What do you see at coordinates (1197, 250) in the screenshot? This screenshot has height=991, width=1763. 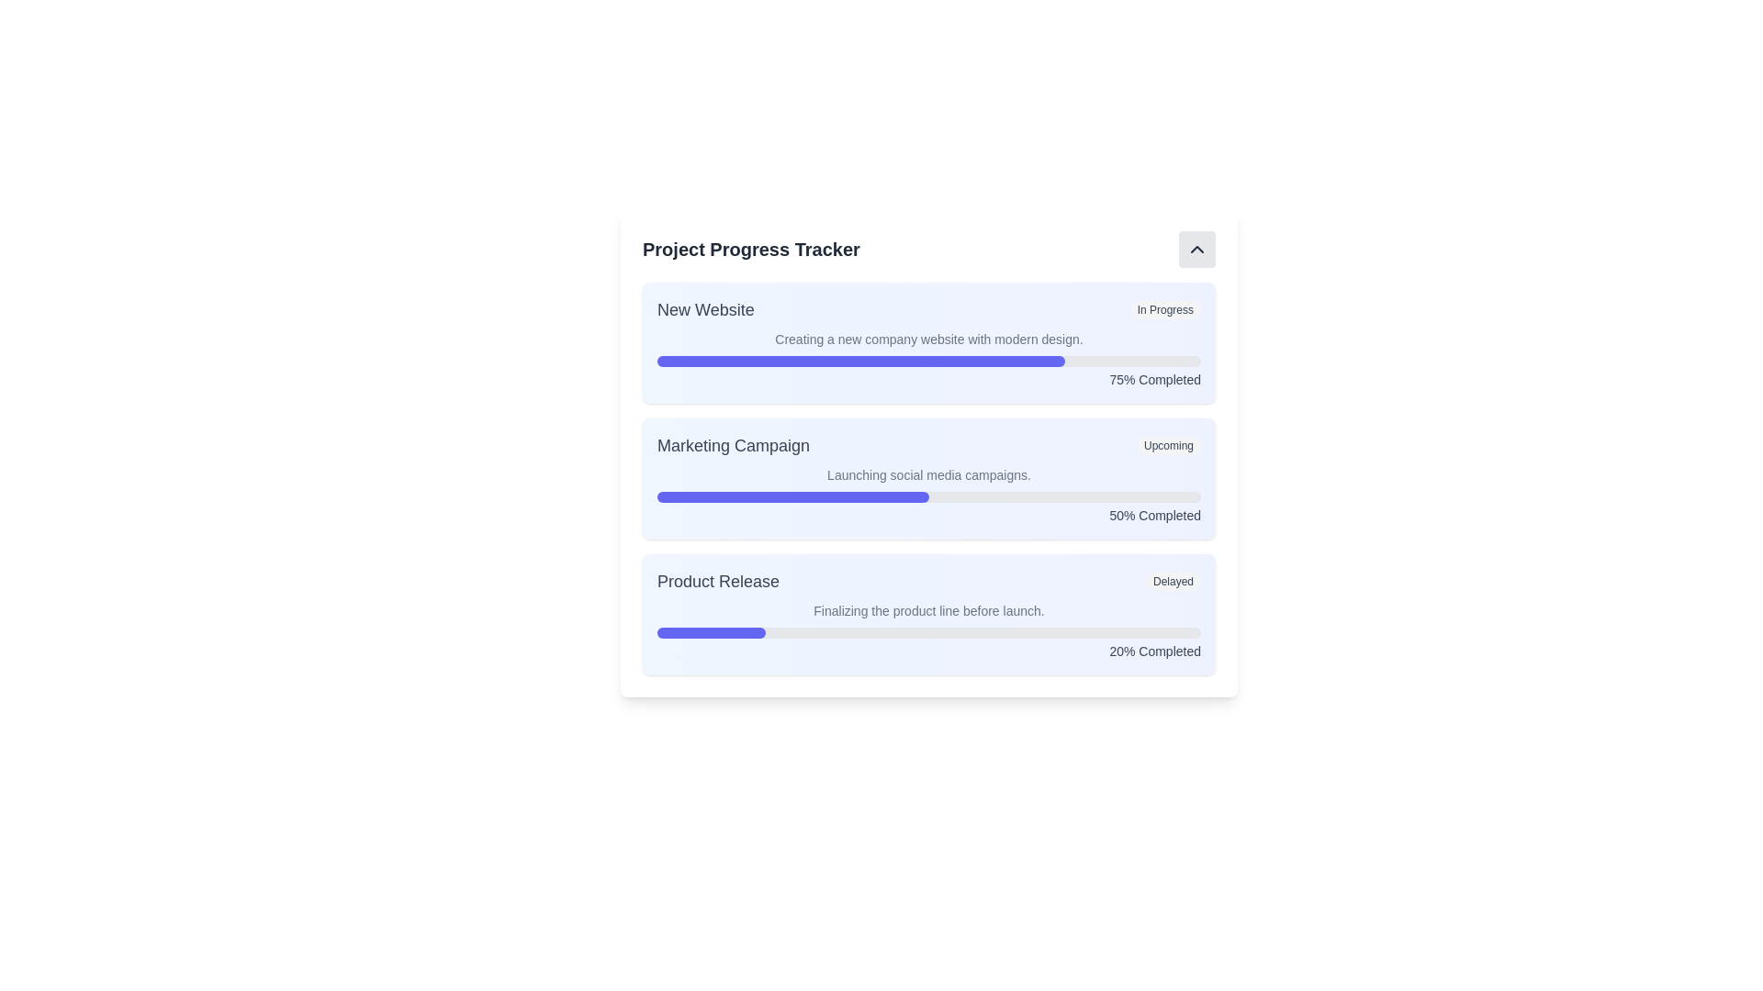 I see `the upward-pointing arrow icon, which is a minimalistic triangular button shaded in dark gray located in the top-right corner of the interface` at bounding box center [1197, 250].